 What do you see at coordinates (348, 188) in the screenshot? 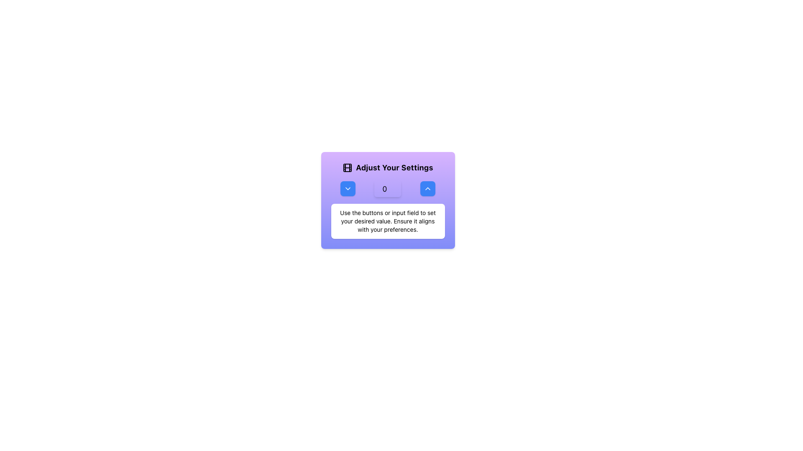
I see `the interactive button with a blue background and a white downward-facing chevron icon to decrease the numeric value` at bounding box center [348, 188].